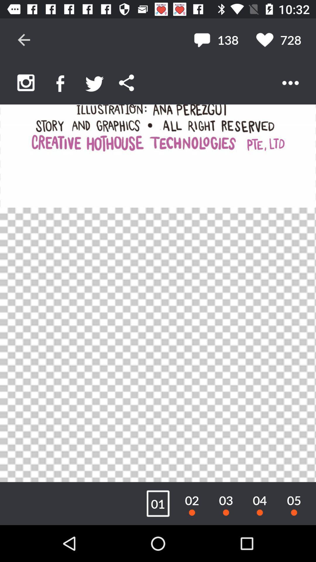 This screenshot has height=562, width=316. Describe the element at coordinates (278, 40) in the screenshot. I see `icon next to the 138  icon` at that location.